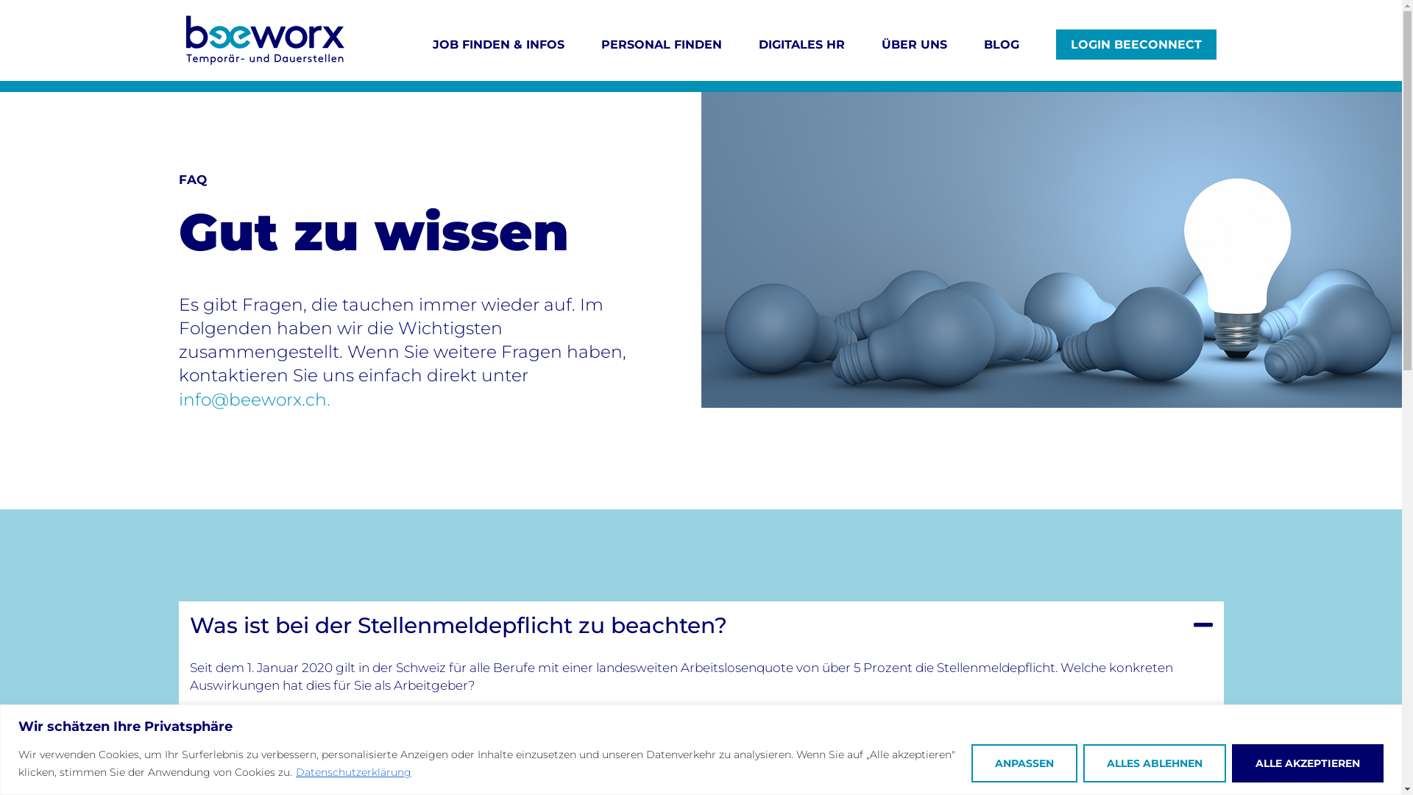 This screenshot has height=795, width=1413. What do you see at coordinates (1307, 762) in the screenshot?
I see `'ALLE AKZEPTIEREN'` at bounding box center [1307, 762].